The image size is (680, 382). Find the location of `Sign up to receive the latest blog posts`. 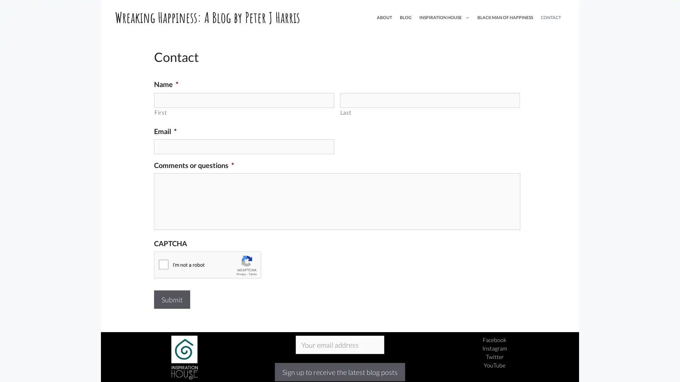

Sign up to receive the latest blog posts is located at coordinates (340, 372).